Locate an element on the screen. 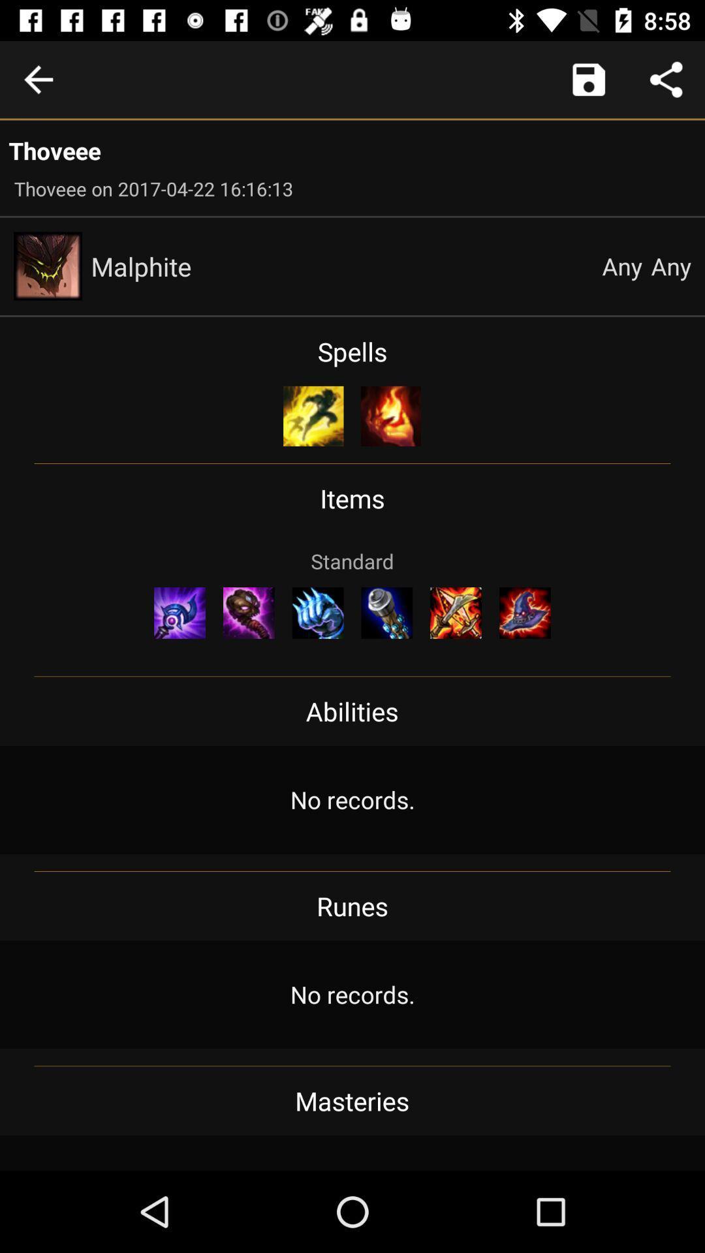 Image resolution: width=705 pixels, height=1253 pixels. the item on the left is located at coordinates (180, 612).